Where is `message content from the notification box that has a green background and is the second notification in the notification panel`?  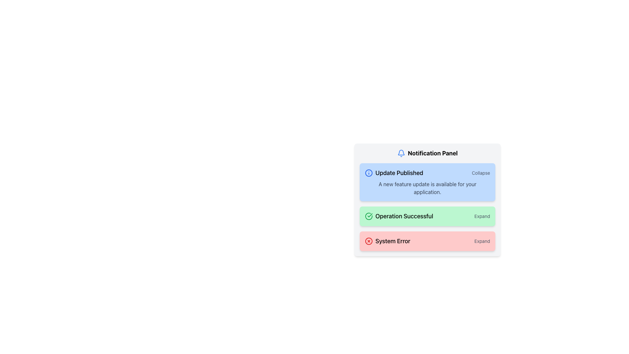 message content from the notification box that has a green background and is the second notification in the notification panel is located at coordinates (428, 216).